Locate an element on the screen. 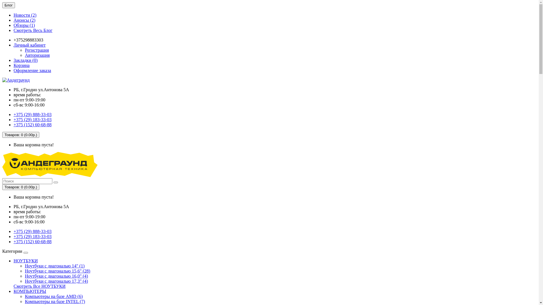 Image resolution: width=543 pixels, height=305 pixels. '+375 (29) 888-33-03' is located at coordinates (32, 231).